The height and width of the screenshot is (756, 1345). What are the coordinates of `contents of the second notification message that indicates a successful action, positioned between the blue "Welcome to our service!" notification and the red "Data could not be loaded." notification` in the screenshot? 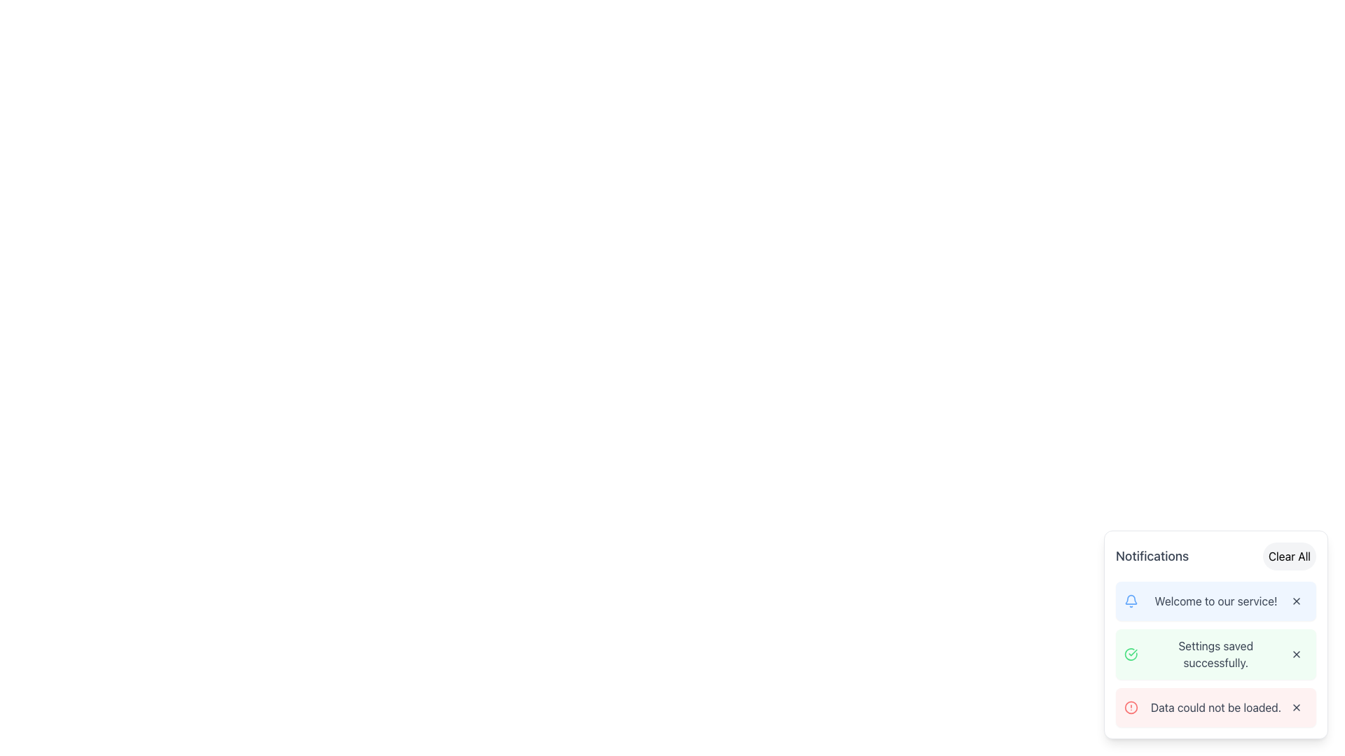 It's located at (1215, 654).